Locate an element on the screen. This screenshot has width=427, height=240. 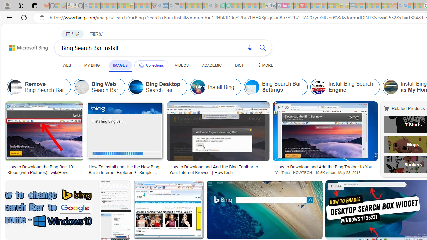
'Bing Search Bar Settings' is located at coordinates (276, 87).